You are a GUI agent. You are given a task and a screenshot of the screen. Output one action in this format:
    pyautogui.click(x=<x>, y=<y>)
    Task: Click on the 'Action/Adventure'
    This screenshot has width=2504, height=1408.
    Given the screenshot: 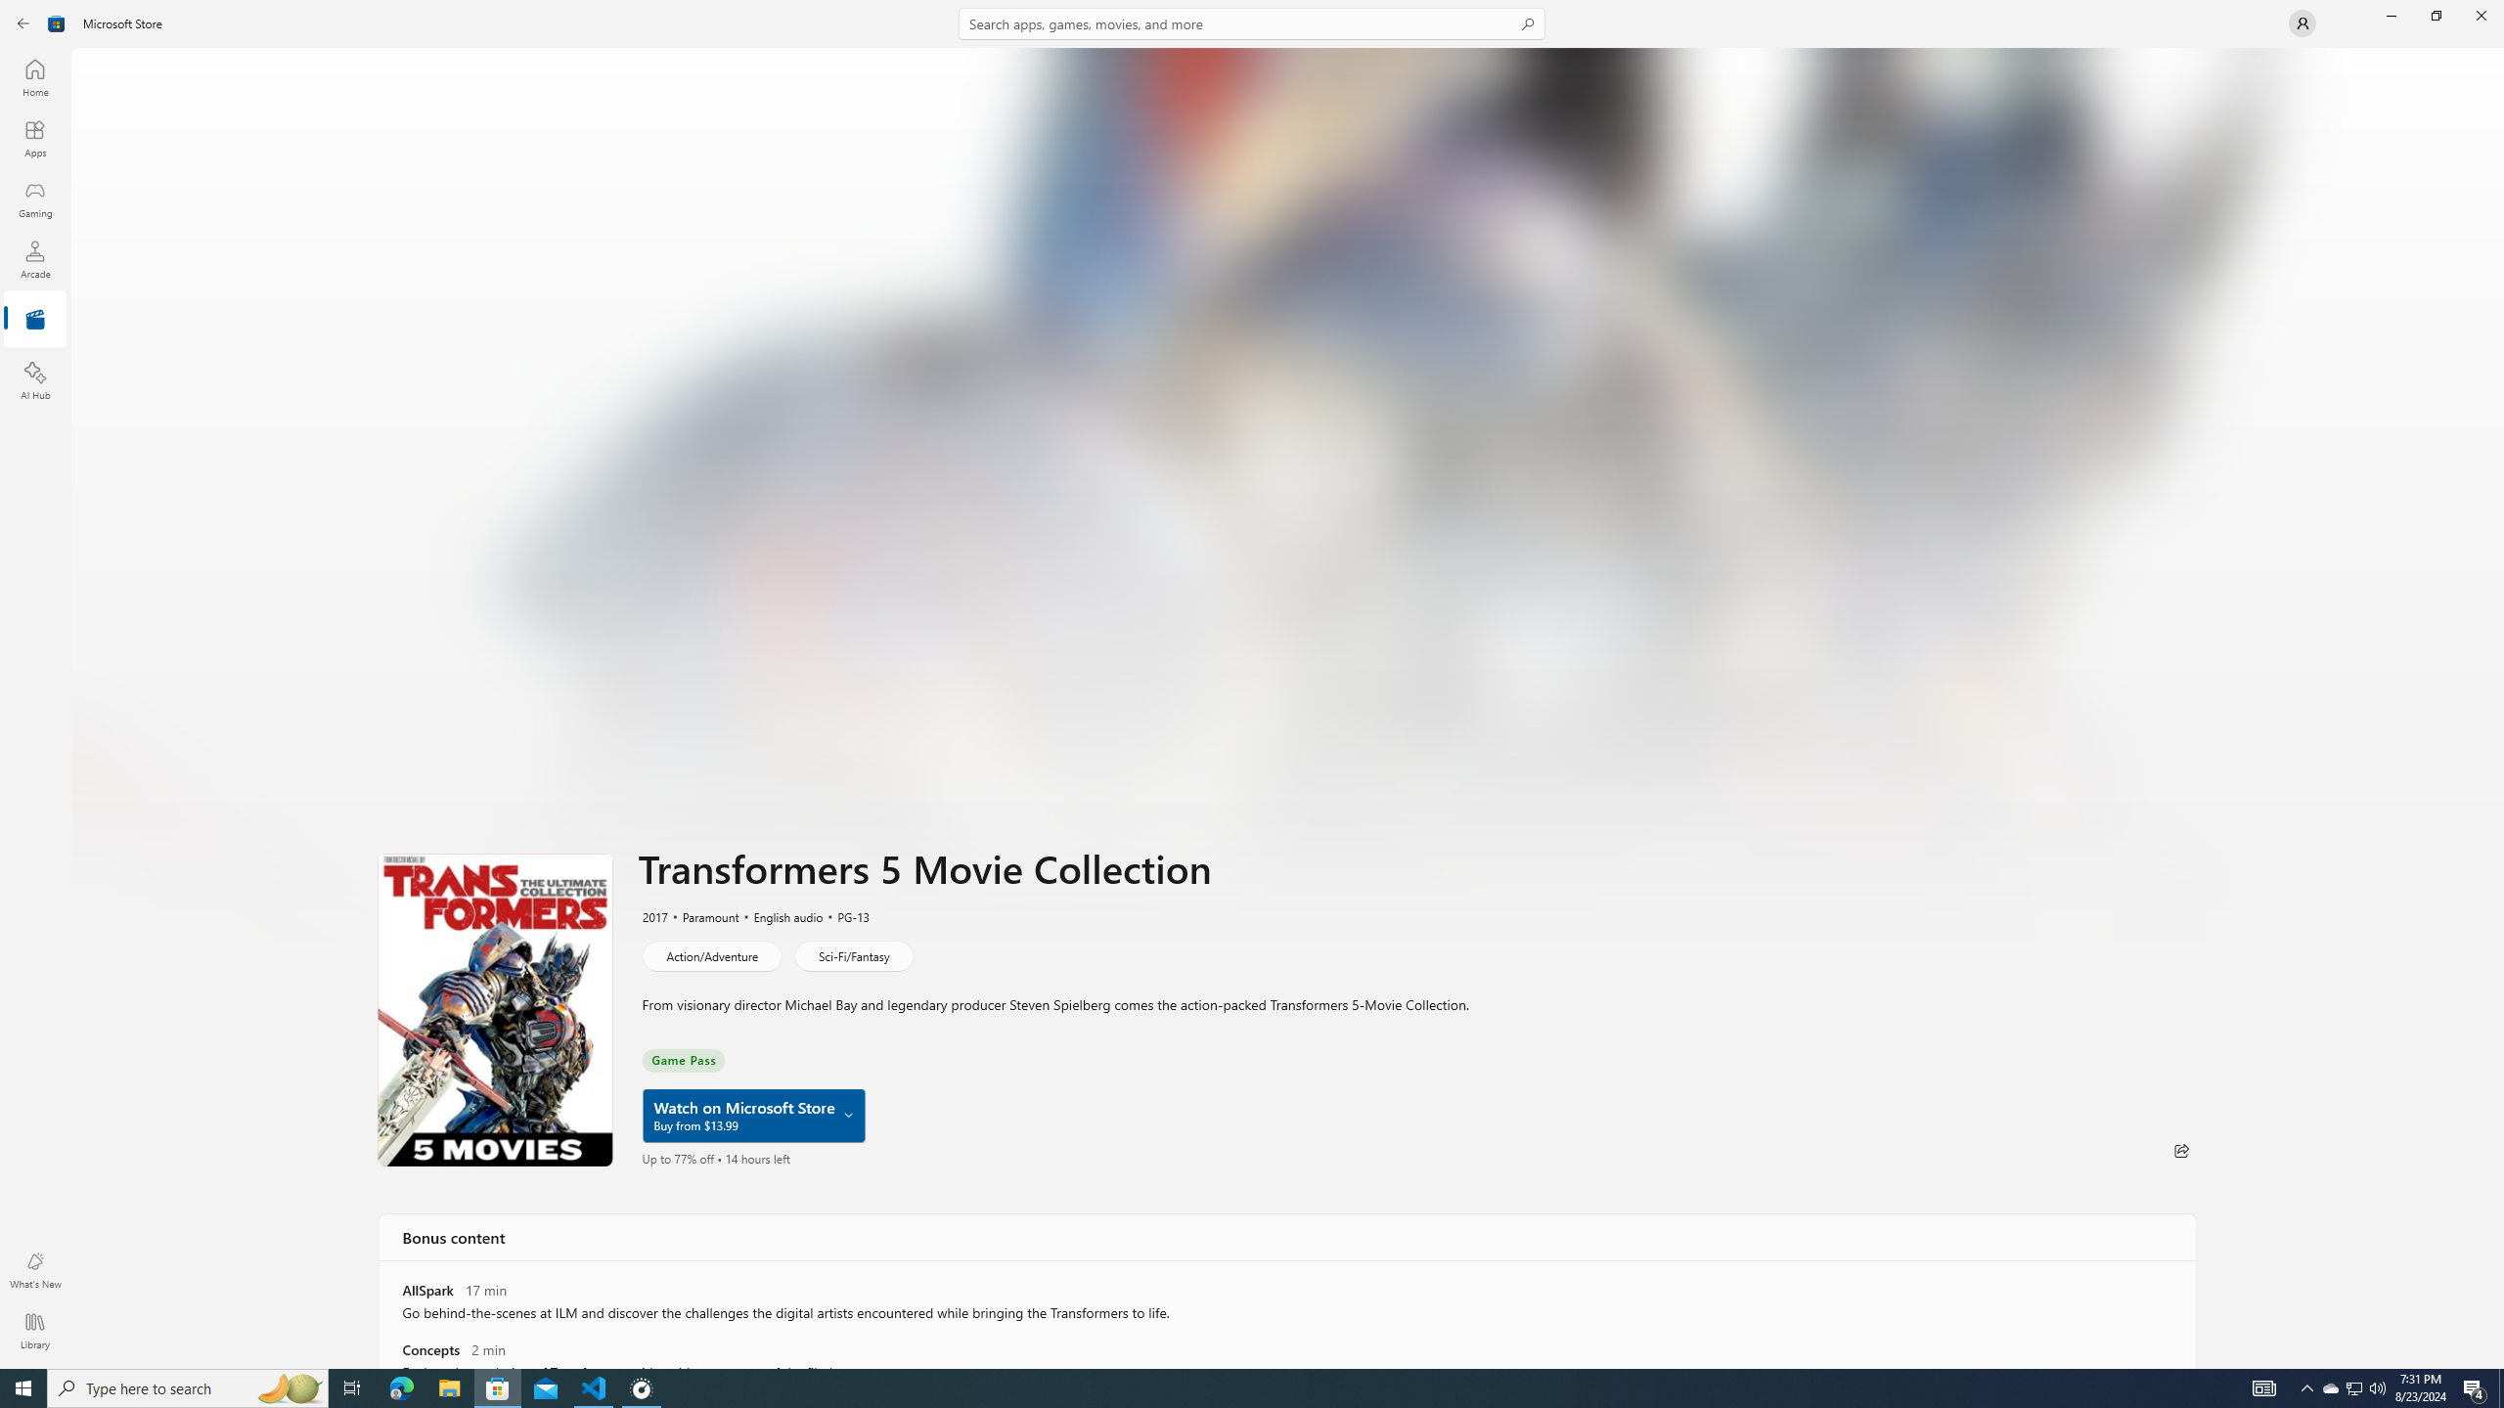 What is the action you would take?
    pyautogui.click(x=710, y=954)
    